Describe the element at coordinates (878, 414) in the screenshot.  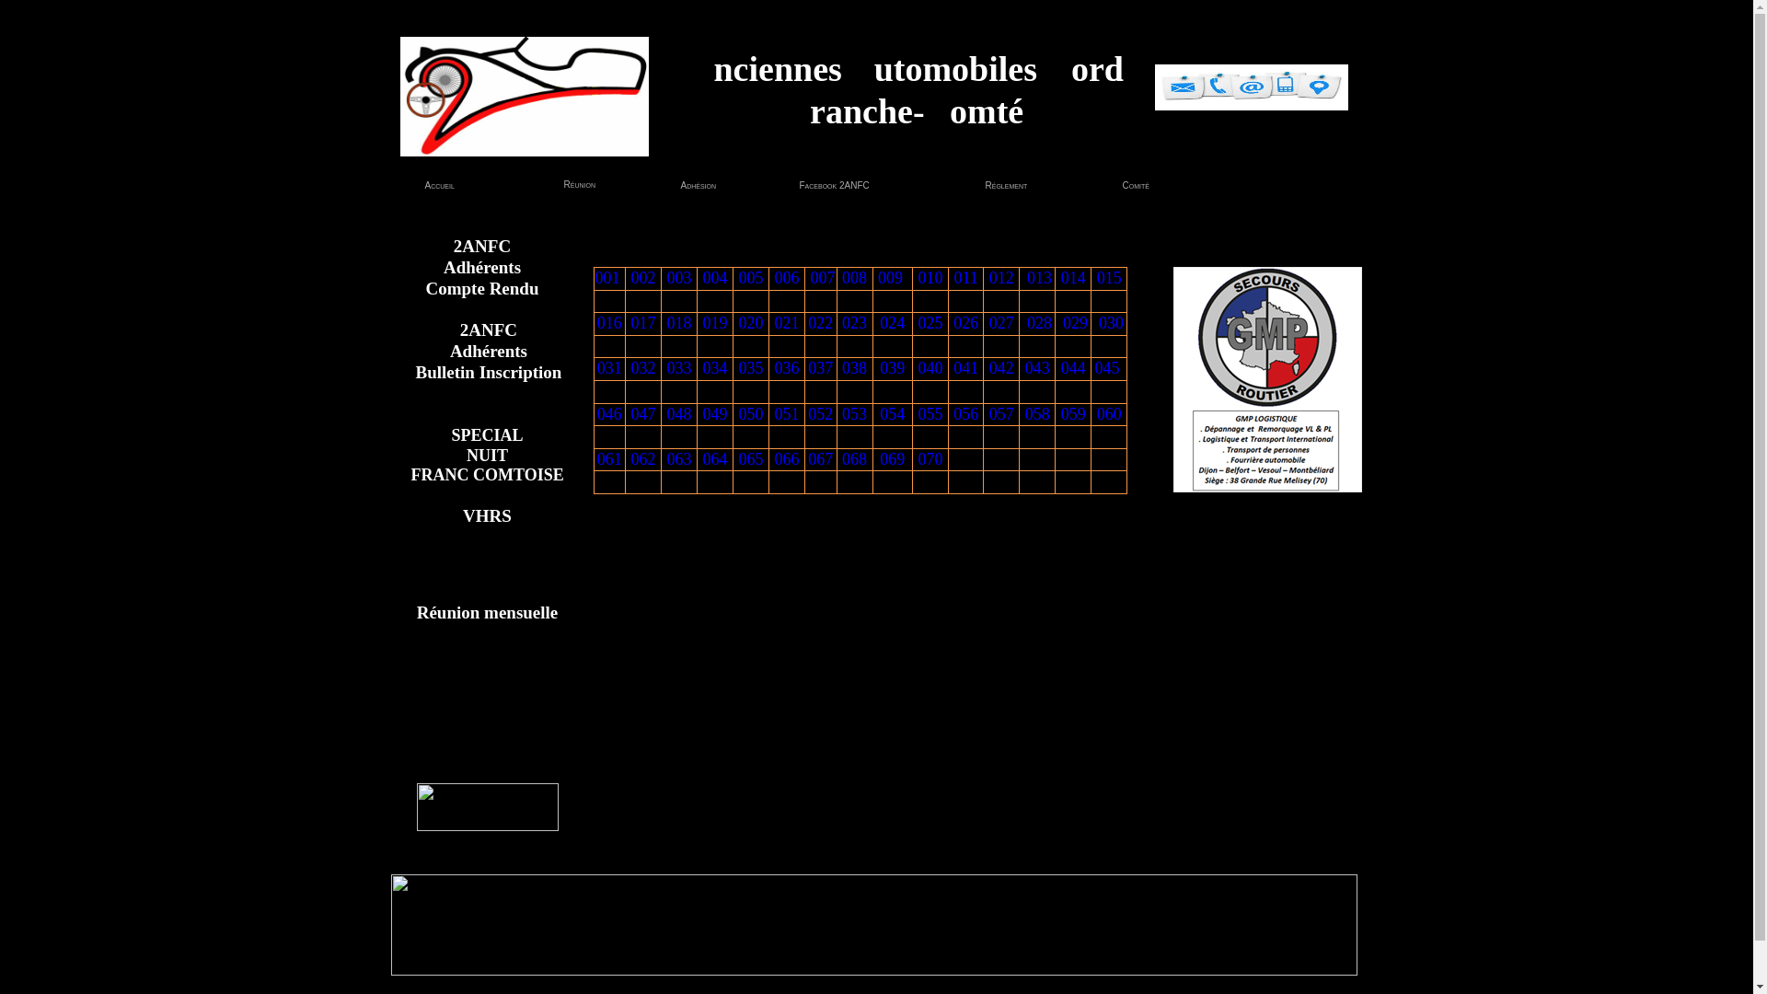
I see `'054'` at that location.